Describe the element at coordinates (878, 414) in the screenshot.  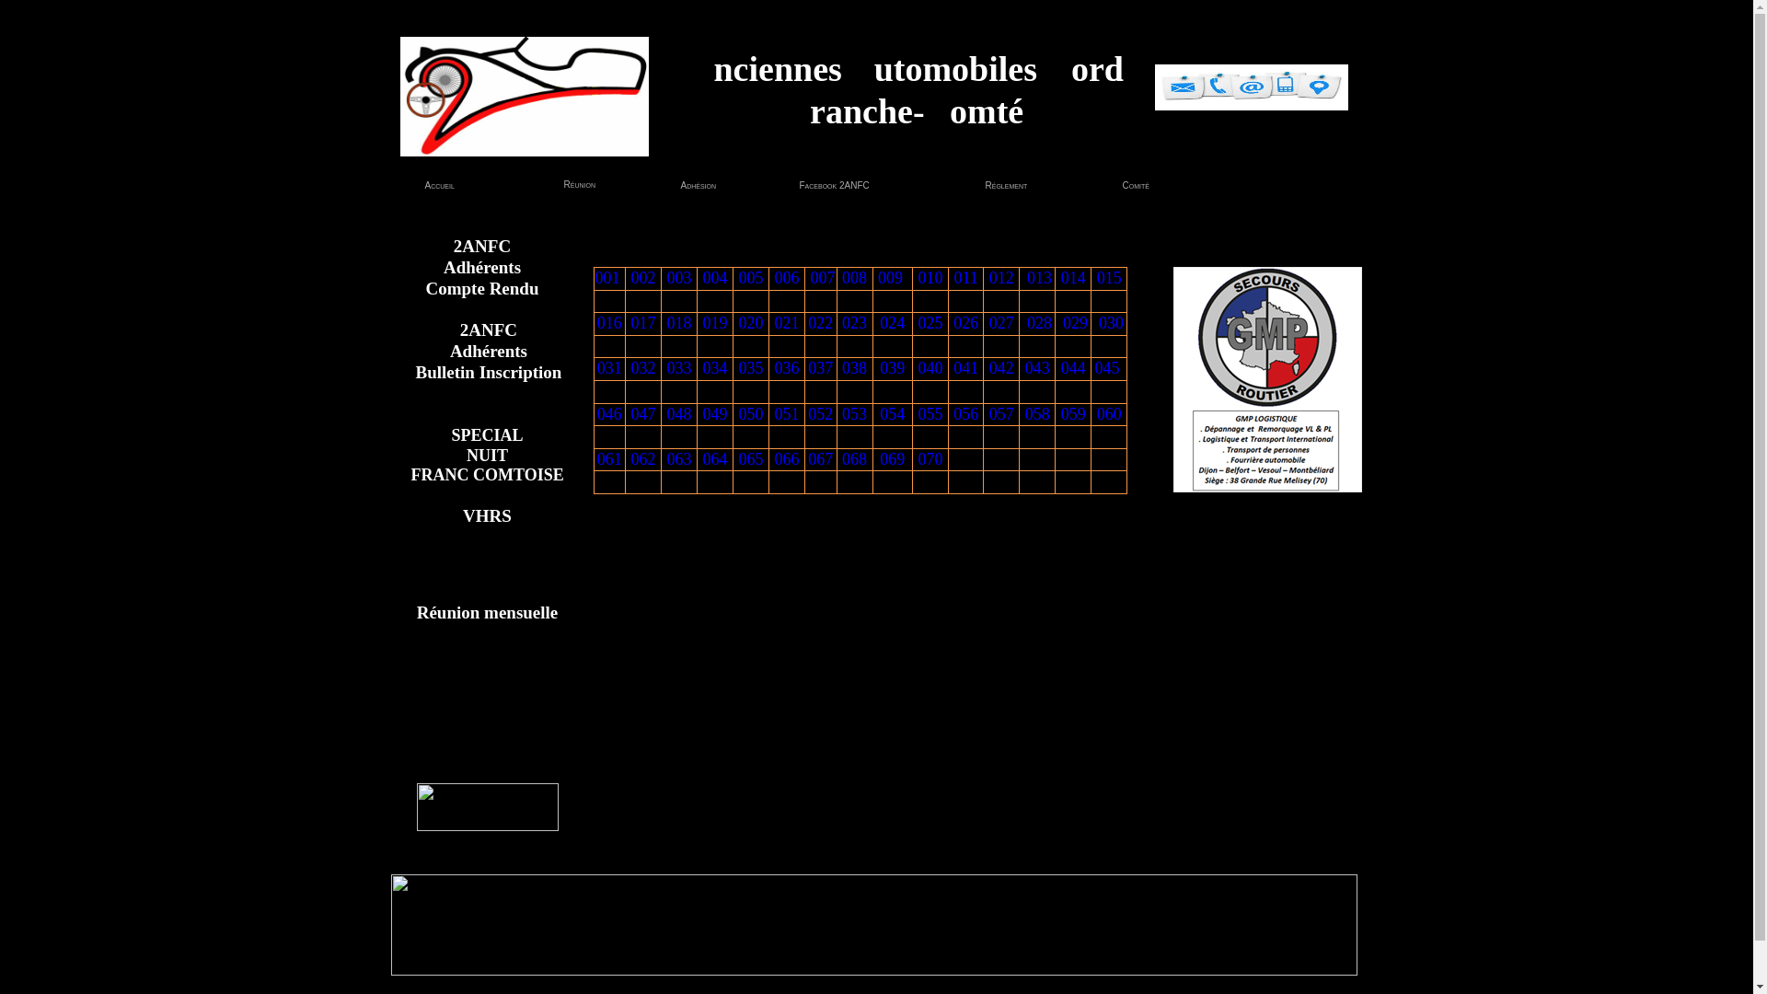
I see `'054'` at that location.